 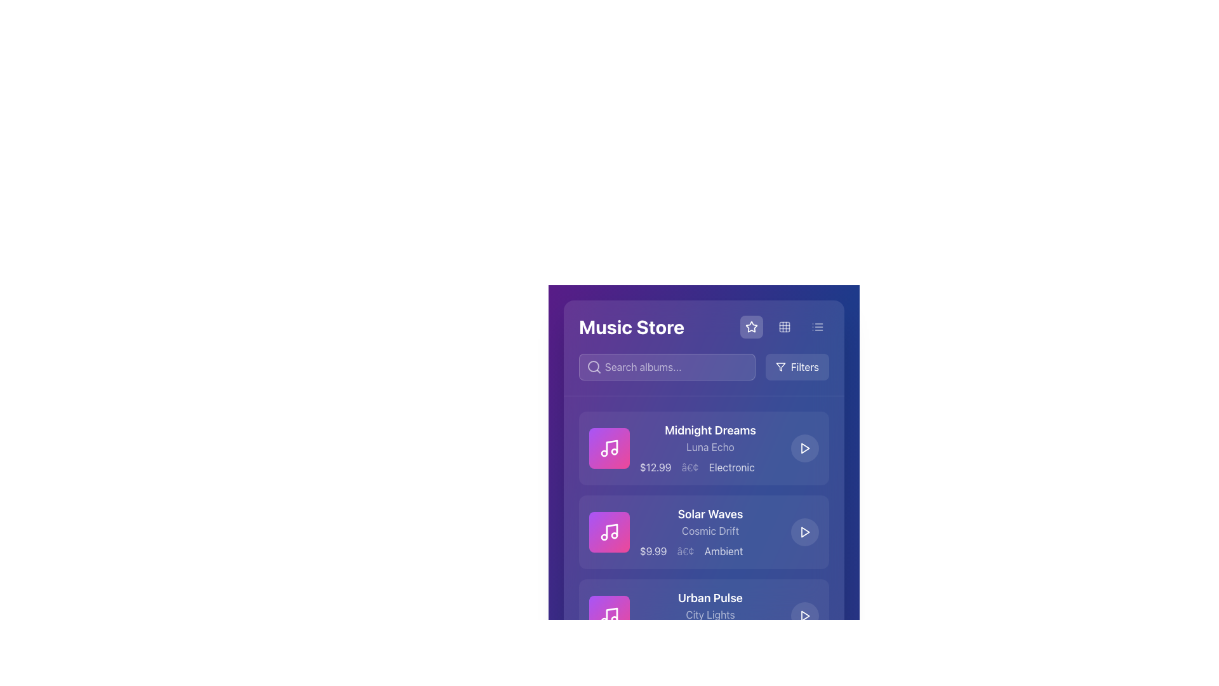 I want to click on the small circular dot (•) delimiter located between the price '$12.99' and the genre 'Electronic' in the album row for 'Midnight Dreams', so click(x=689, y=467).